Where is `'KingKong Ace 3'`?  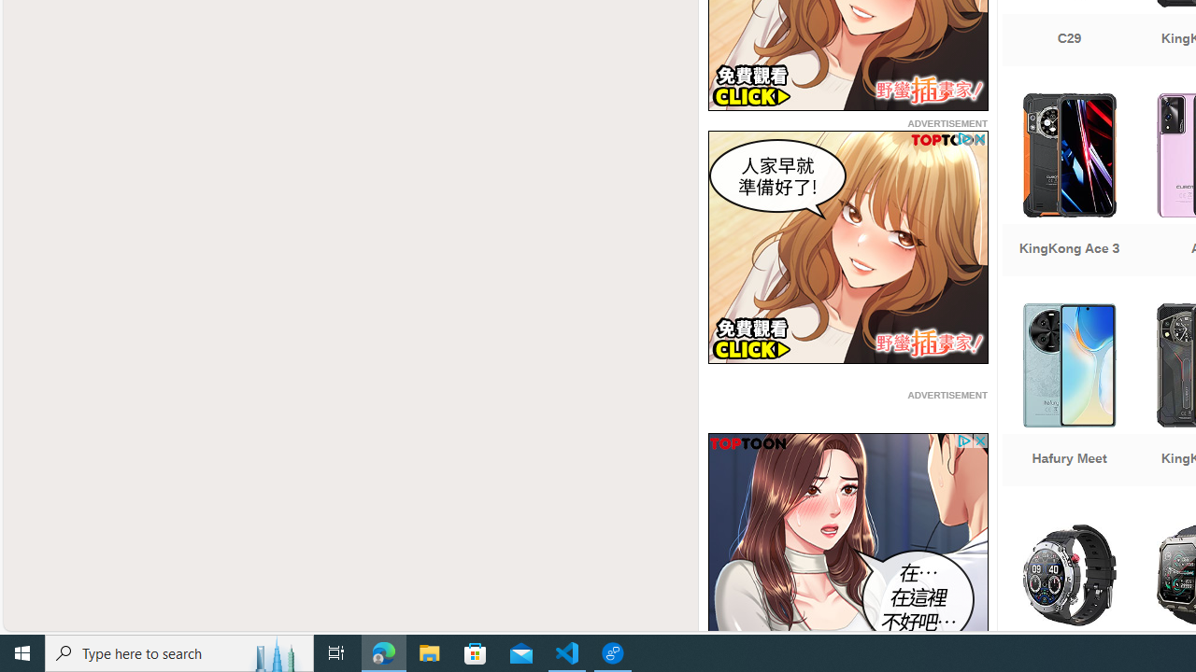 'KingKong Ace 3' is located at coordinates (1069, 187).